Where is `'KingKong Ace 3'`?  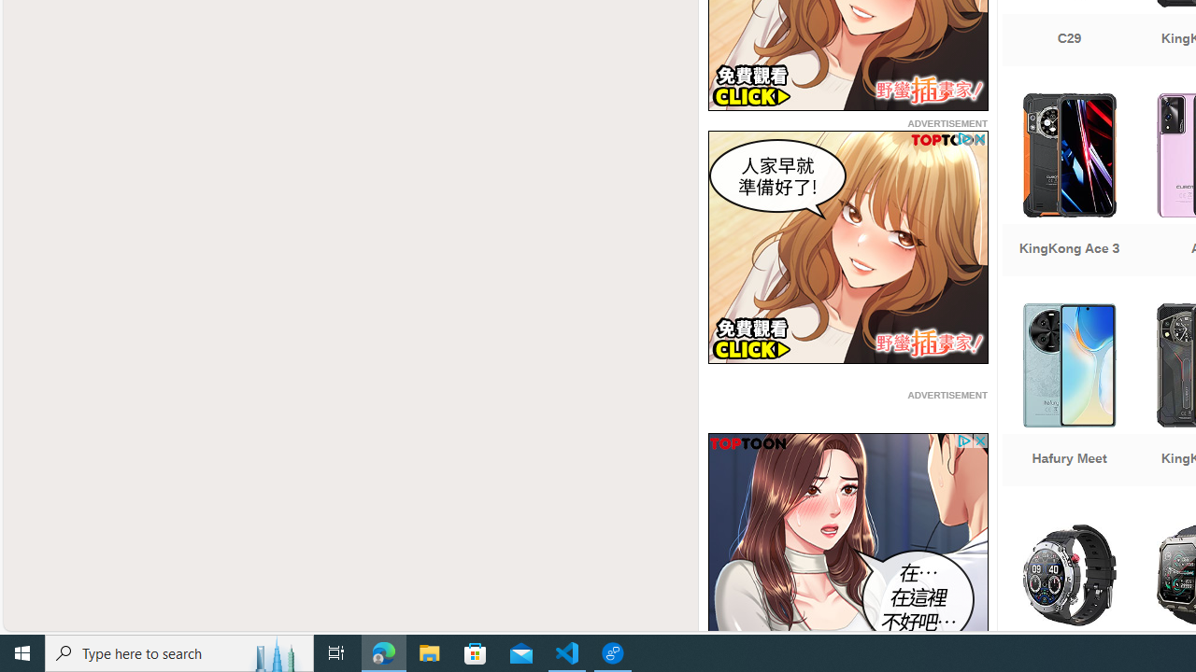 'KingKong Ace 3' is located at coordinates (1069, 187).